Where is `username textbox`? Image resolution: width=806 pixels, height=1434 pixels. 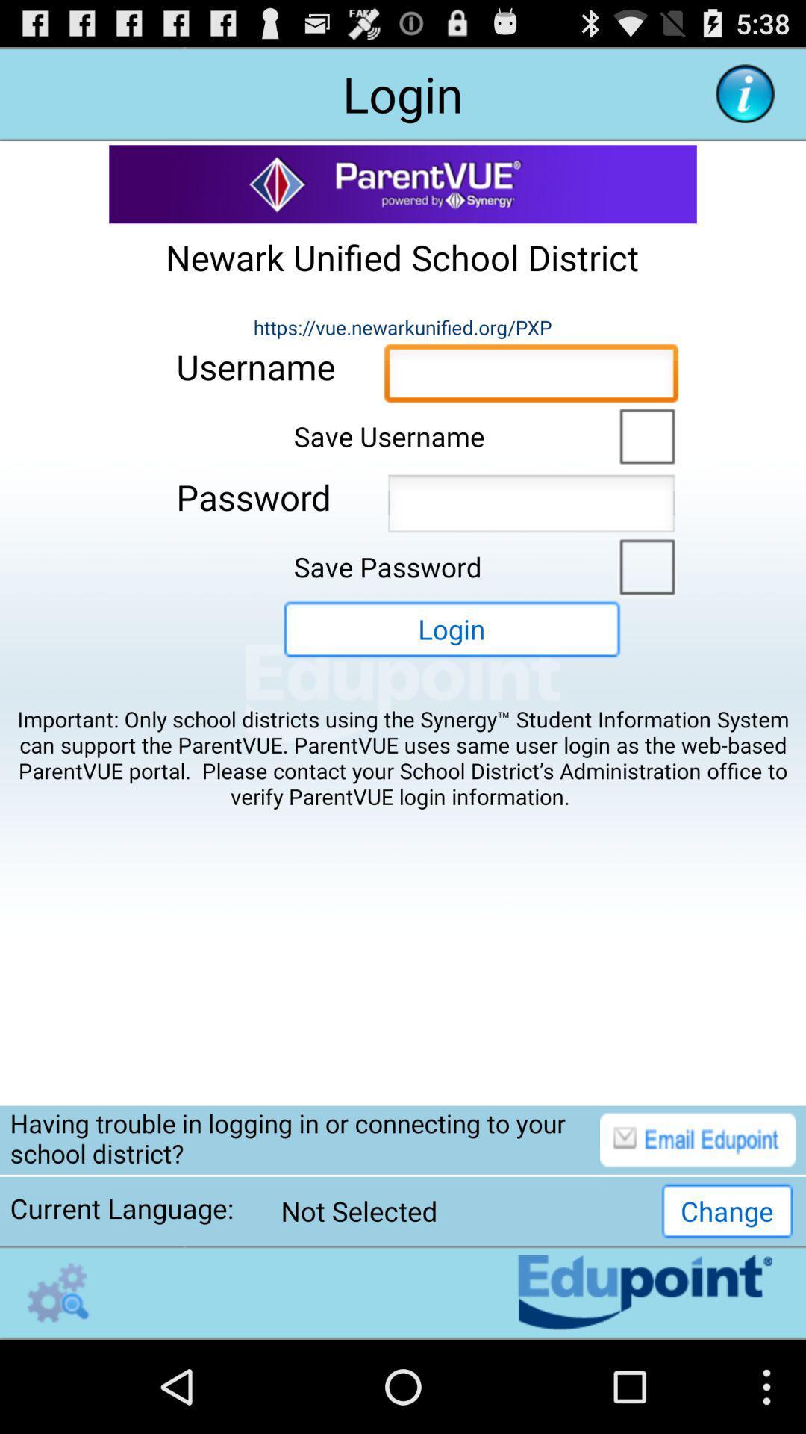 username textbox is located at coordinates (531, 377).